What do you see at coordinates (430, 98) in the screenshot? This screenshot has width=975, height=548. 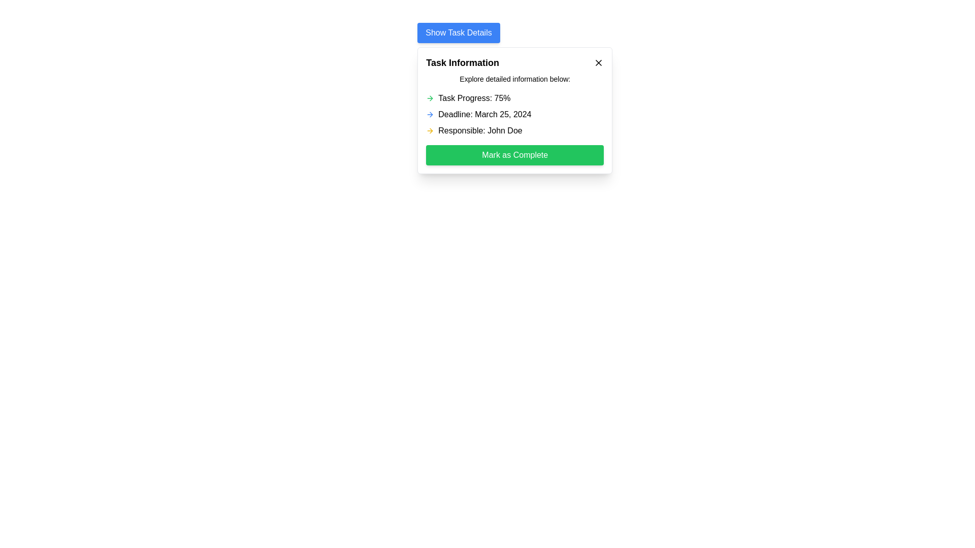 I see `the arrow icon located to the left of the text 'Task Progress: 75%' in the 'Task Information' modal, which indicates navigation or progress` at bounding box center [430, 98].